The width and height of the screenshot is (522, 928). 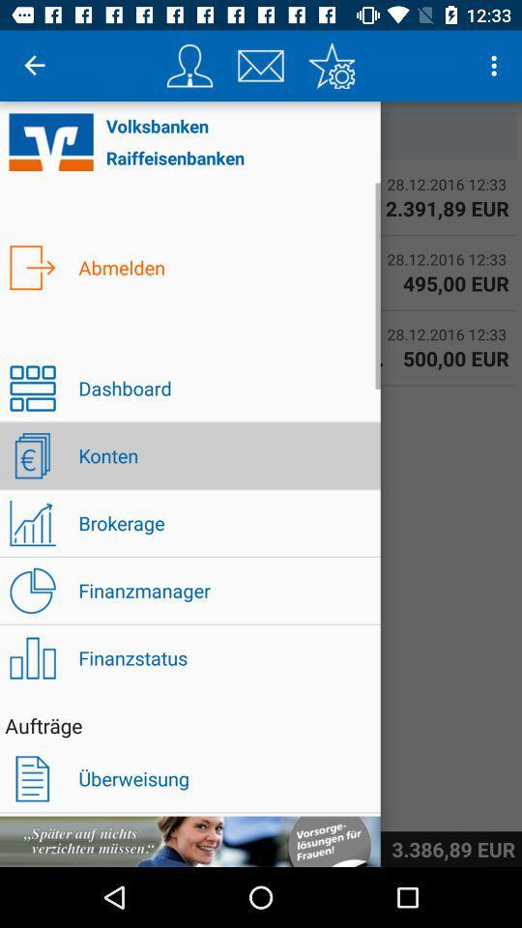 I want to click on the setting icon which is beside the message box, so click(x=331, y=66).